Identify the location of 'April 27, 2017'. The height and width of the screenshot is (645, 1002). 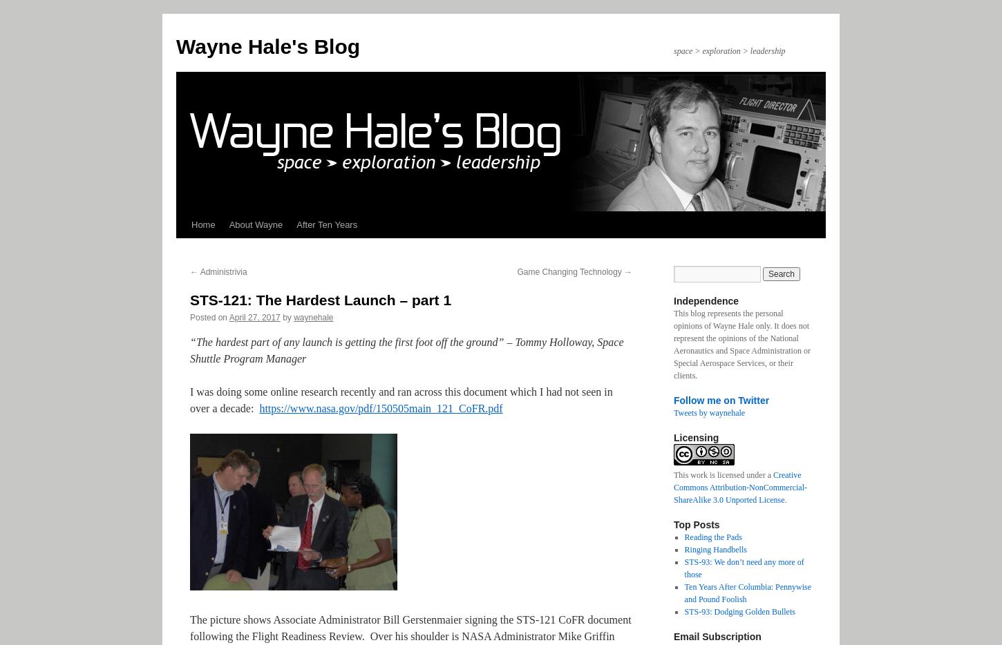
(254, 317).